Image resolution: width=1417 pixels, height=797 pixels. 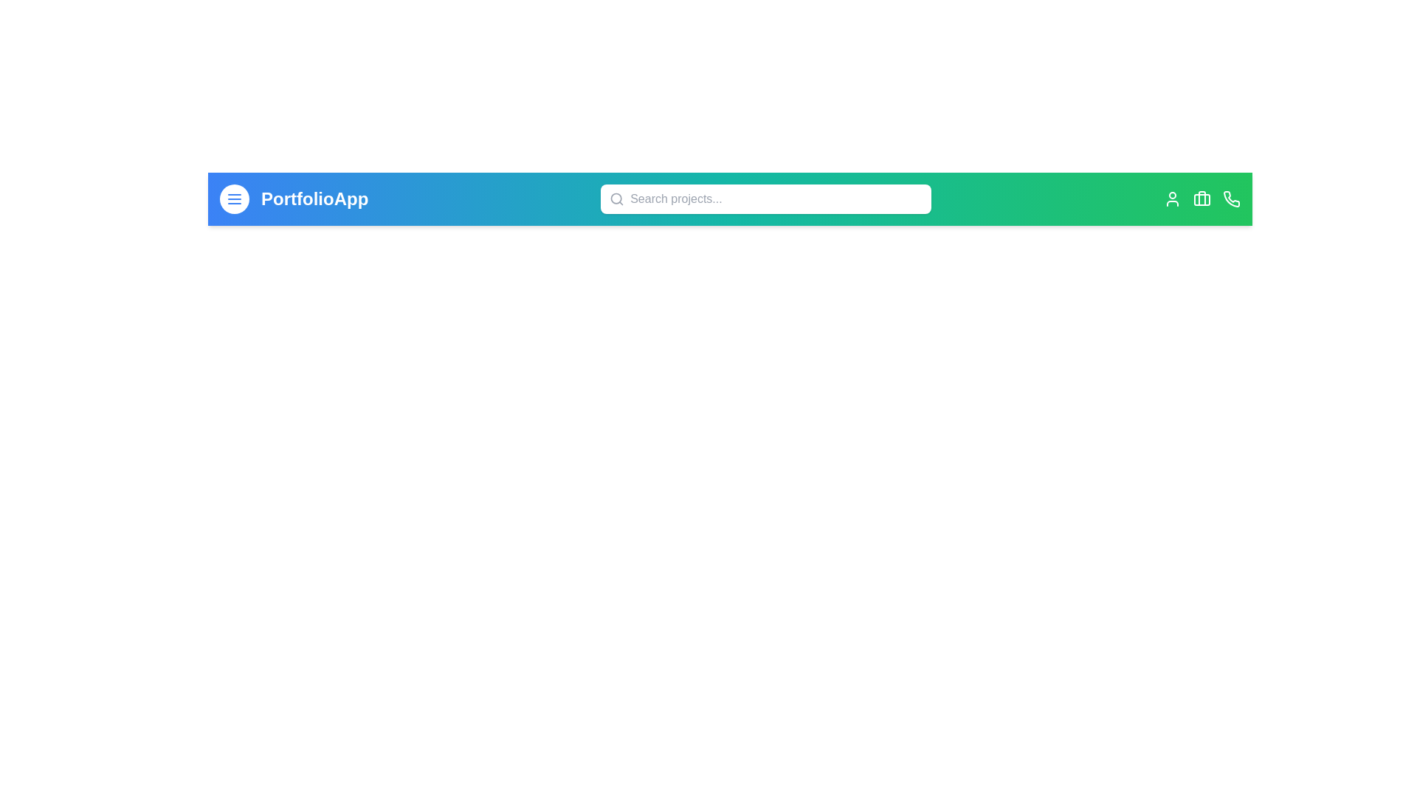 What do you see at coordinates (1171, 199) in the screenshot?
I see `the user icon located on the right side of the app bar` at bounding box center [1171, 199].